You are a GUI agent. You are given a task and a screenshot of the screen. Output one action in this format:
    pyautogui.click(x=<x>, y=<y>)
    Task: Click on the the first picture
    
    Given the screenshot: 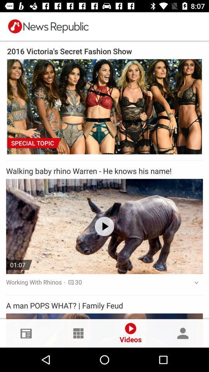 What is the action you would take?
    pyautogui.click(x=104, y=106)
    